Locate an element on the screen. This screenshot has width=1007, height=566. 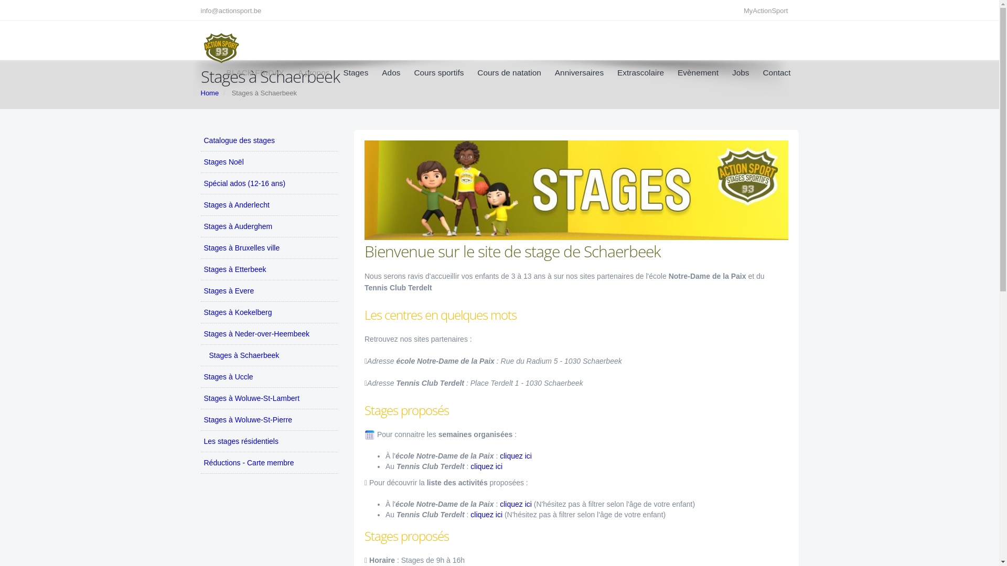
'cliquez ici' is located at coordinates (517, 503).